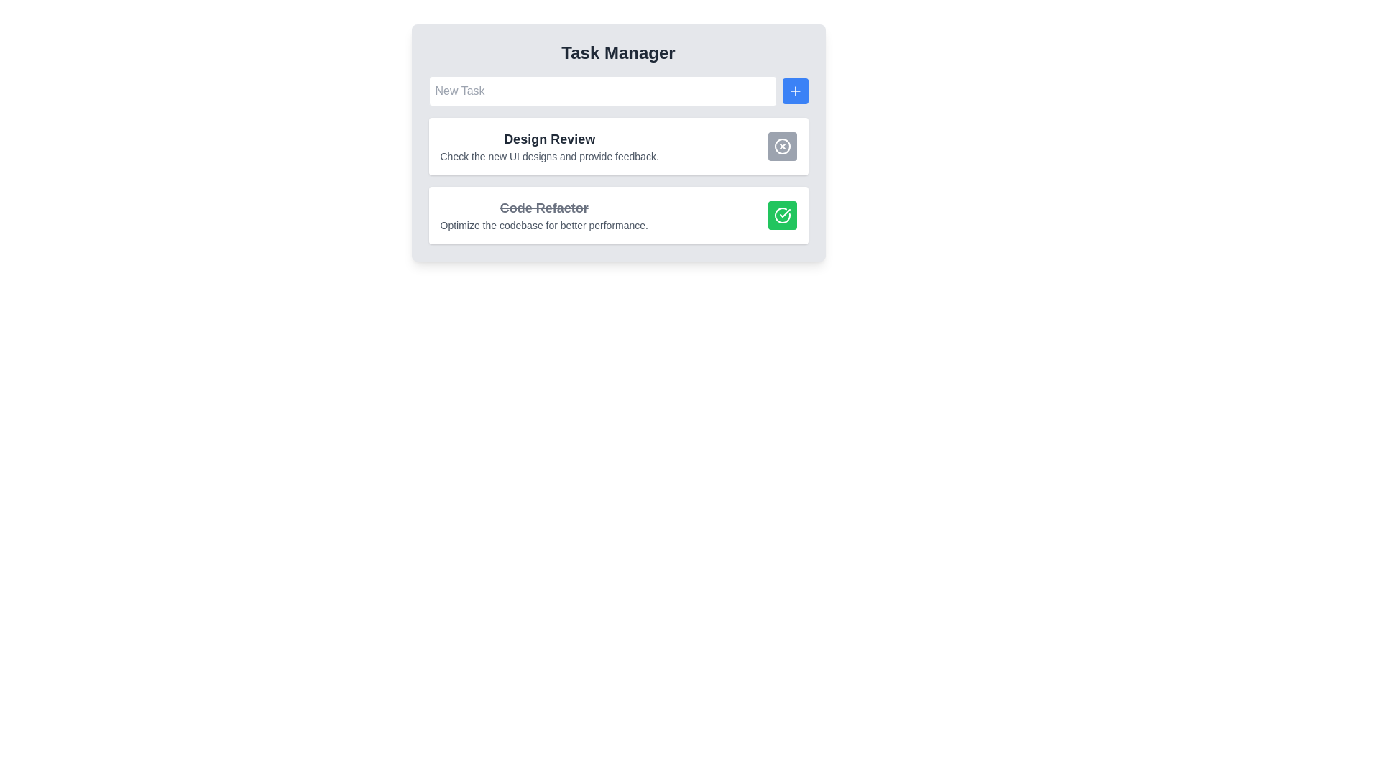 This screenshot has height=776, width=1380. I want to click on the Task Item Widget displaying the task titled 'Design Review', so click(618, 143).